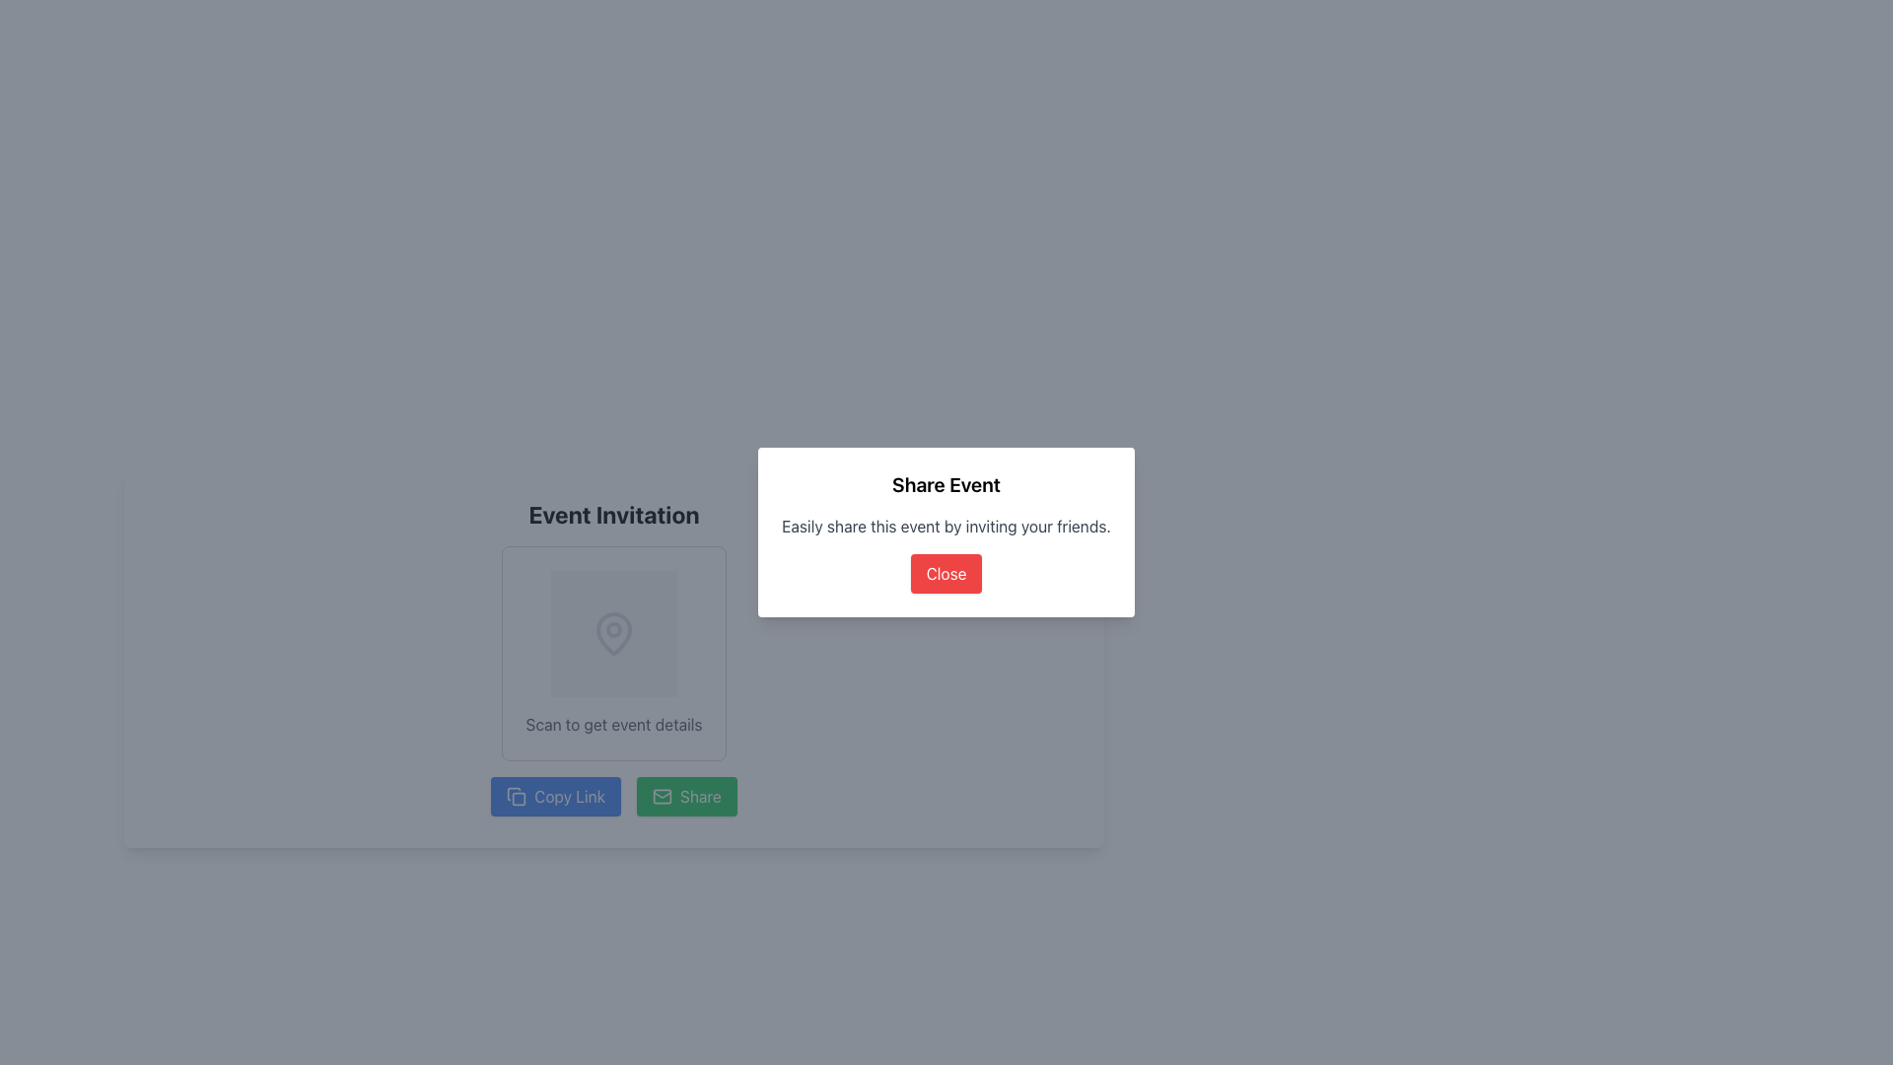 This screenshot has width=1893, height=1065. I want to click on the text block displaying the message 'Easily share this event by inviting your friends.' which is located below the title 'Share Event' and above the 'Close' button, so click(946, 525).